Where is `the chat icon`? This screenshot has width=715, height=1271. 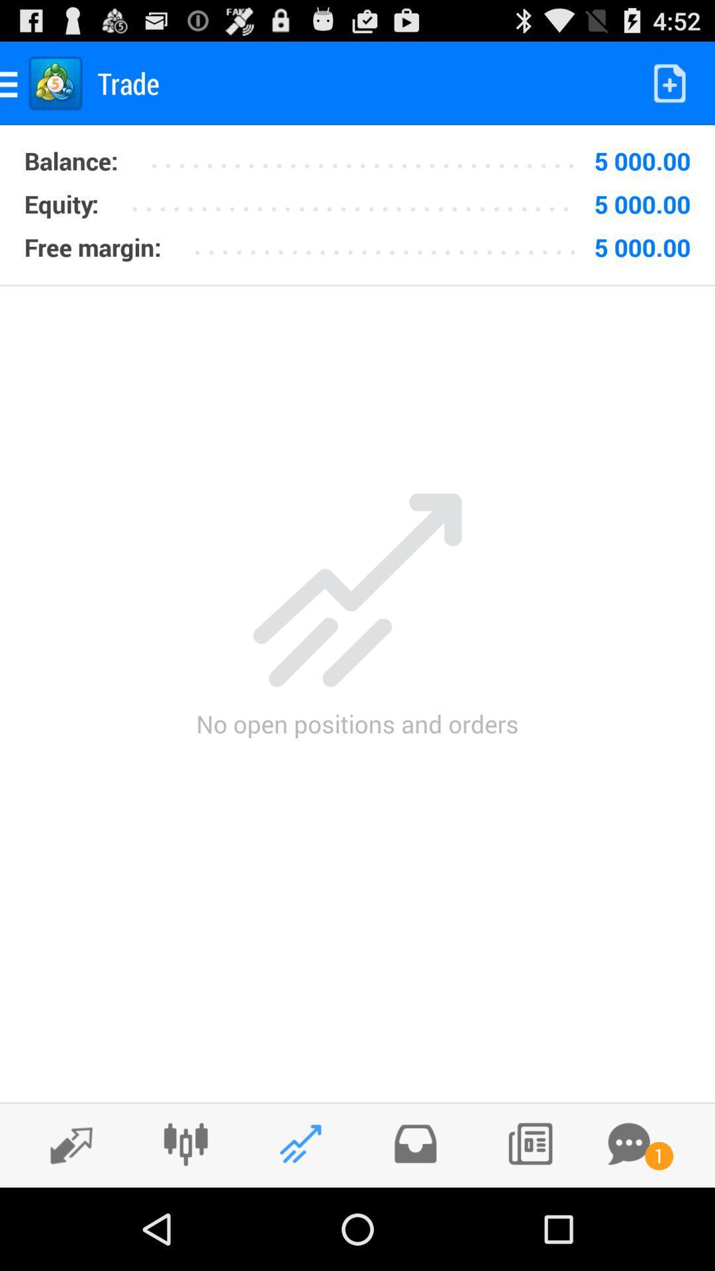
the chat icon is located at coordinates (628, 1223).